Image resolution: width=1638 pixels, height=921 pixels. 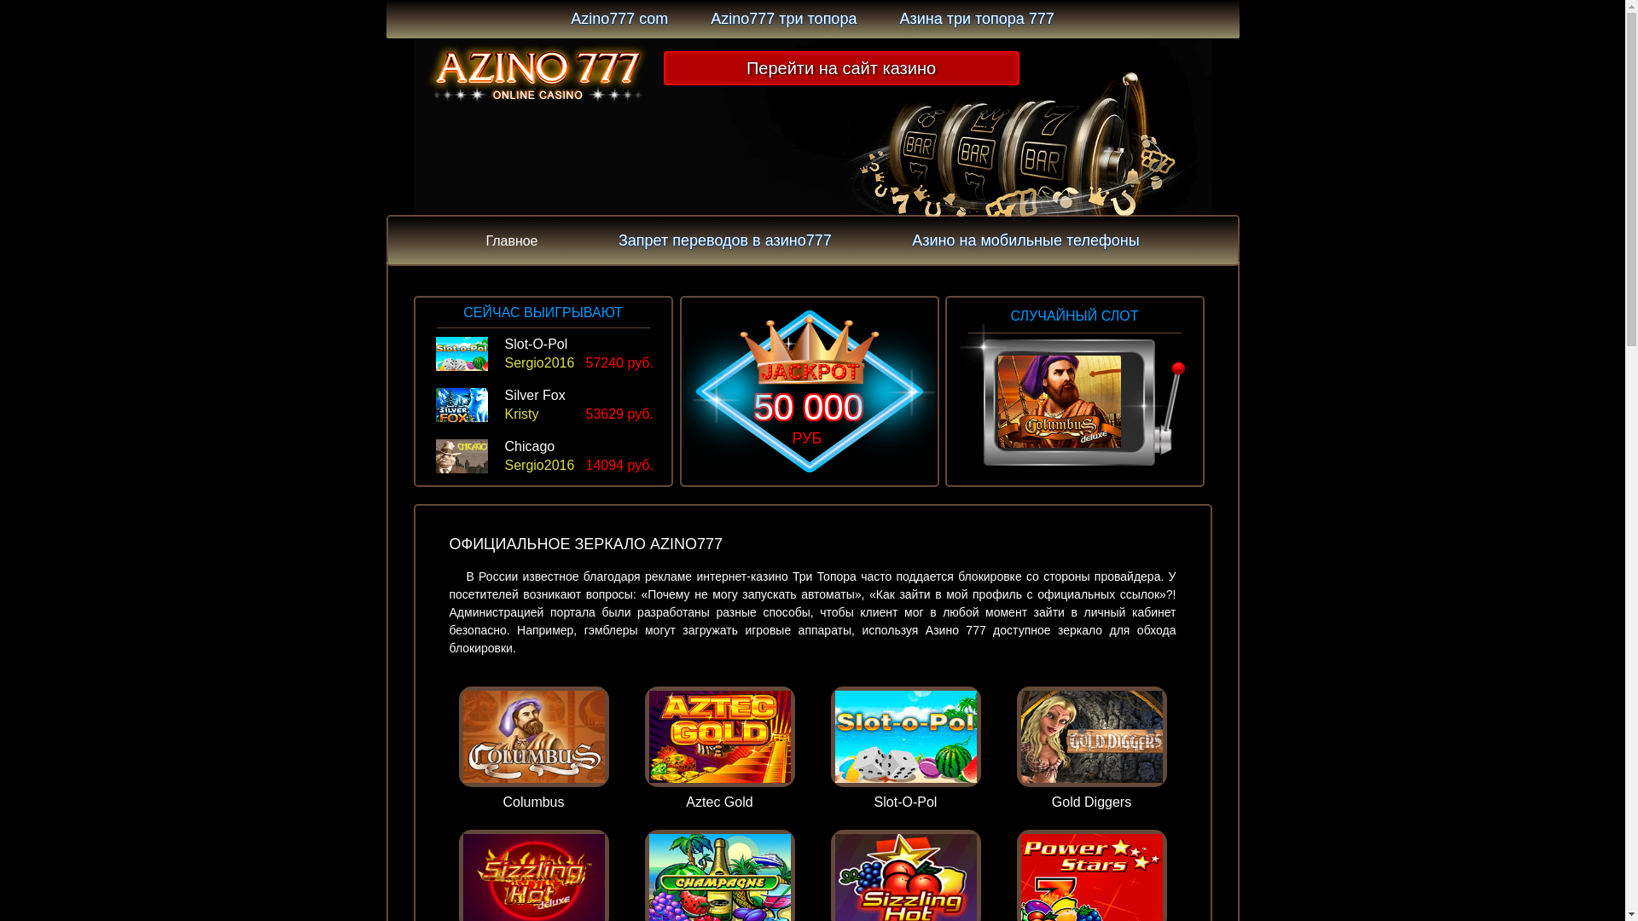 I want to click on 'Azino777 com', so click(x=618, y=19).